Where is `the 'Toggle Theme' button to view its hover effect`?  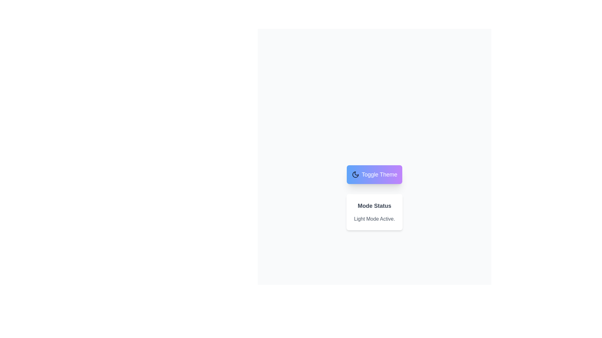
the 'Toggle Theme' button to view its hover effect is located at coordinates (374, 175).